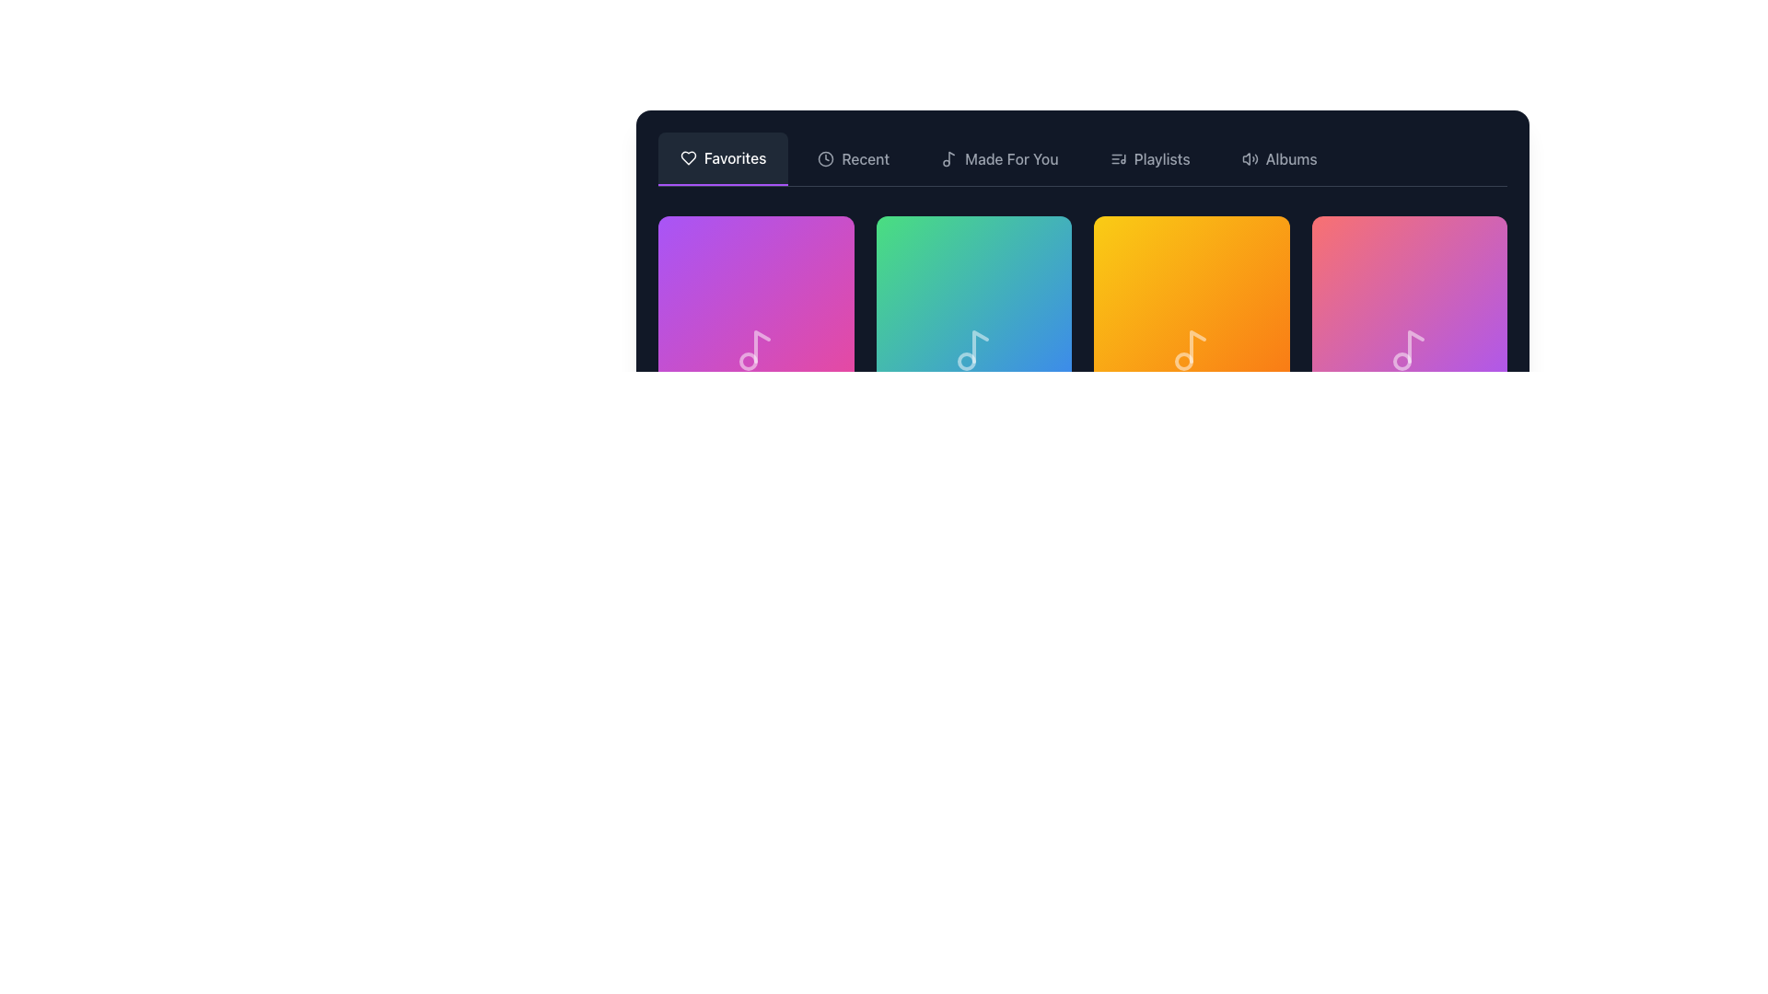  What do you see at coordinates (1161, 158) in the screenshot?
I see `the Text label in the navigation bar that represents a playlist option, located between 'Made For You' and 'Albums'` at bounding box center [1161, 158].